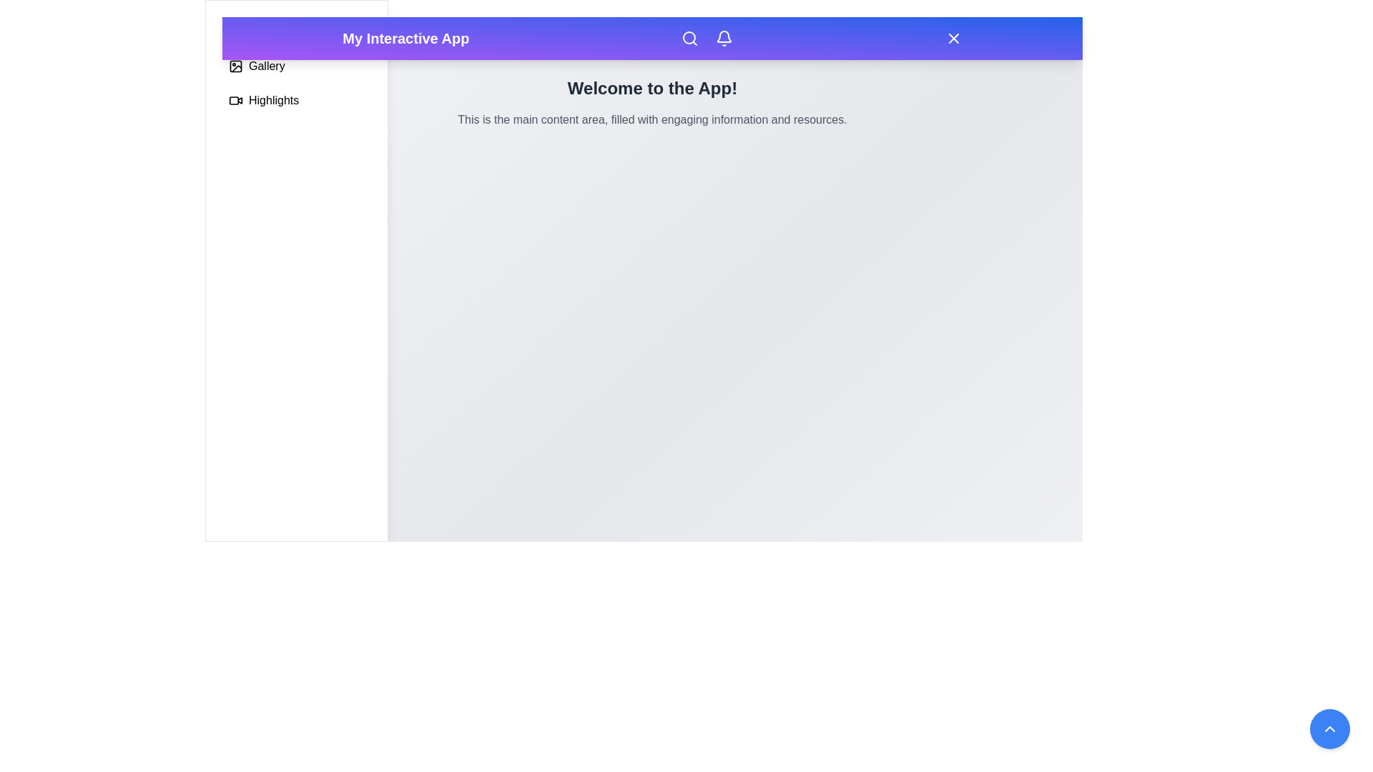 This screenshot has height=772, width=1373. What do you see at coordinates (295, 100) in the screenshot?
I see `the 'Highlights' menu item, which is the bottommost option in the vertical navigation panel and follows the 'Gallery' section` at bounding box center [295, 100].